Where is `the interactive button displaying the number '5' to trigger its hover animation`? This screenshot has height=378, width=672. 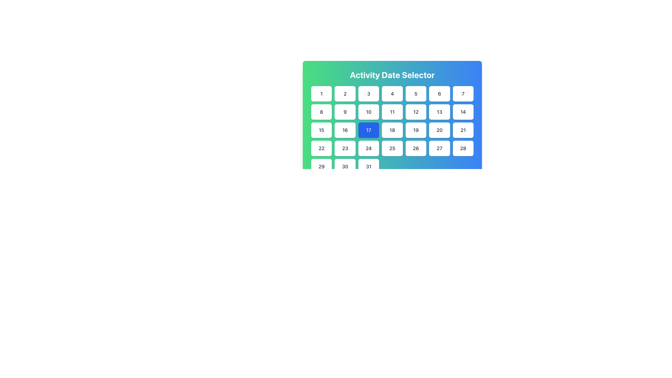
the interactive button displaying the number '5' to trigger its hover animation is located at coordinates (416, 93).